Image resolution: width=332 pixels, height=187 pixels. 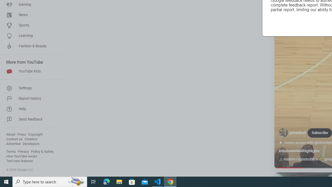 What do you see at coordinates (29, 25) in the screenshot?
I see `'Sports'` at bounding box center [29, 25].